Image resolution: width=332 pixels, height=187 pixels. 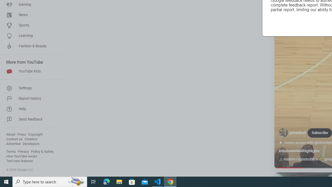 What do you see at coordinates (29, 25) in the screenshot?
I see `'Sports'` at bounding box center [29, 25].